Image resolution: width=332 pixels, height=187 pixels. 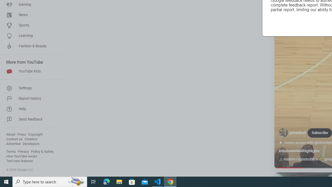 What do you see at coordinates (29, 25) in the screenshot?
I see `'Sports'` at bounding box center [29, 25].